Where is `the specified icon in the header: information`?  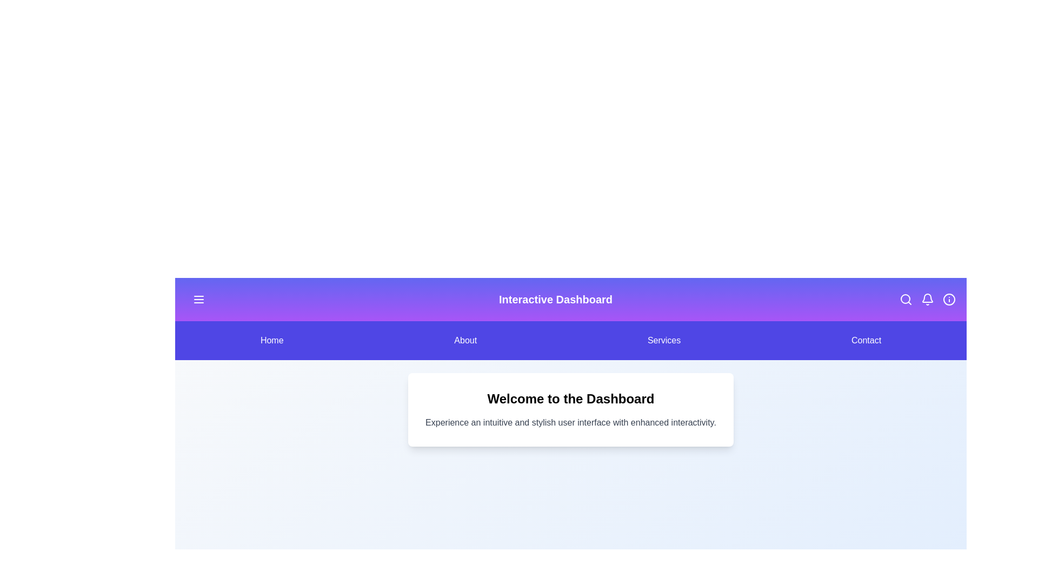
the specified icon in the header: information is located at coordinates (949, 300).